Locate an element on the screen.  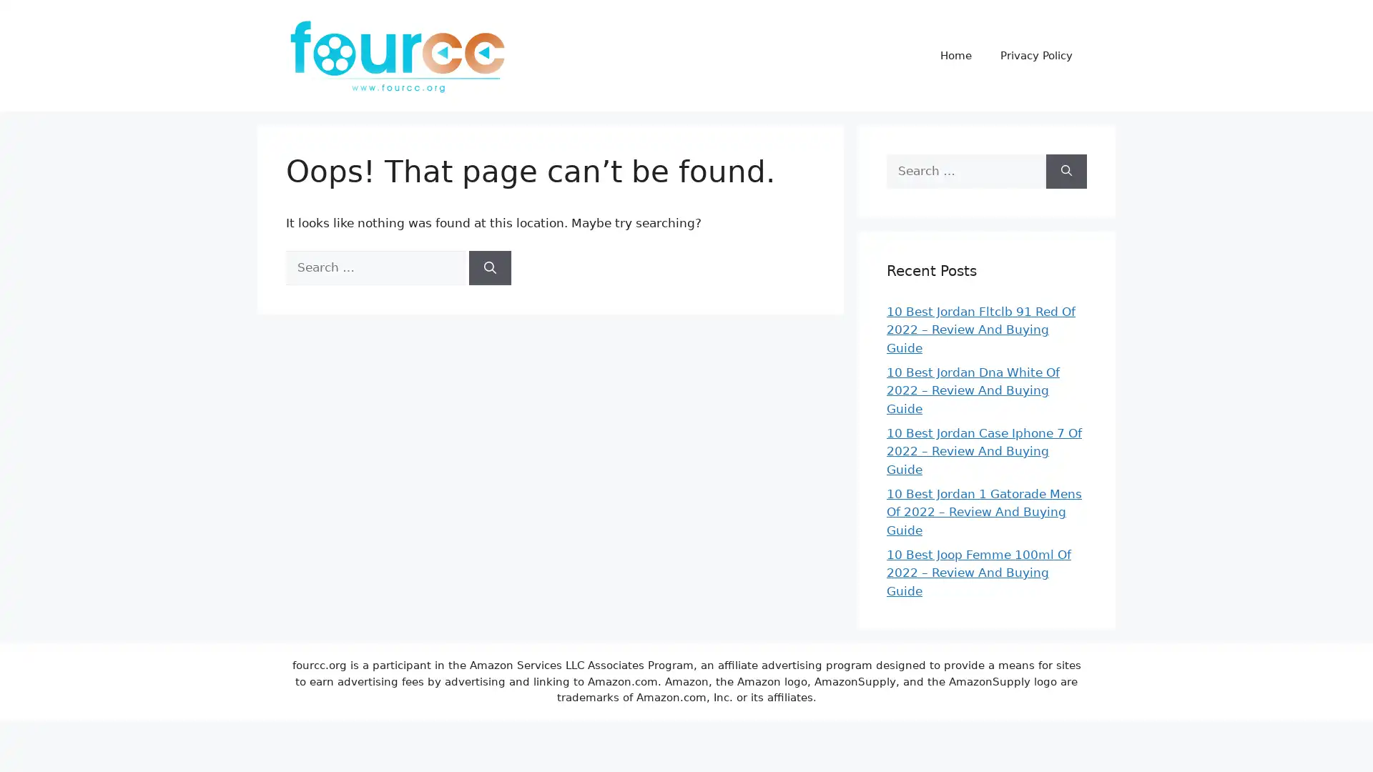
Search is located at coordinates (1066, 170).